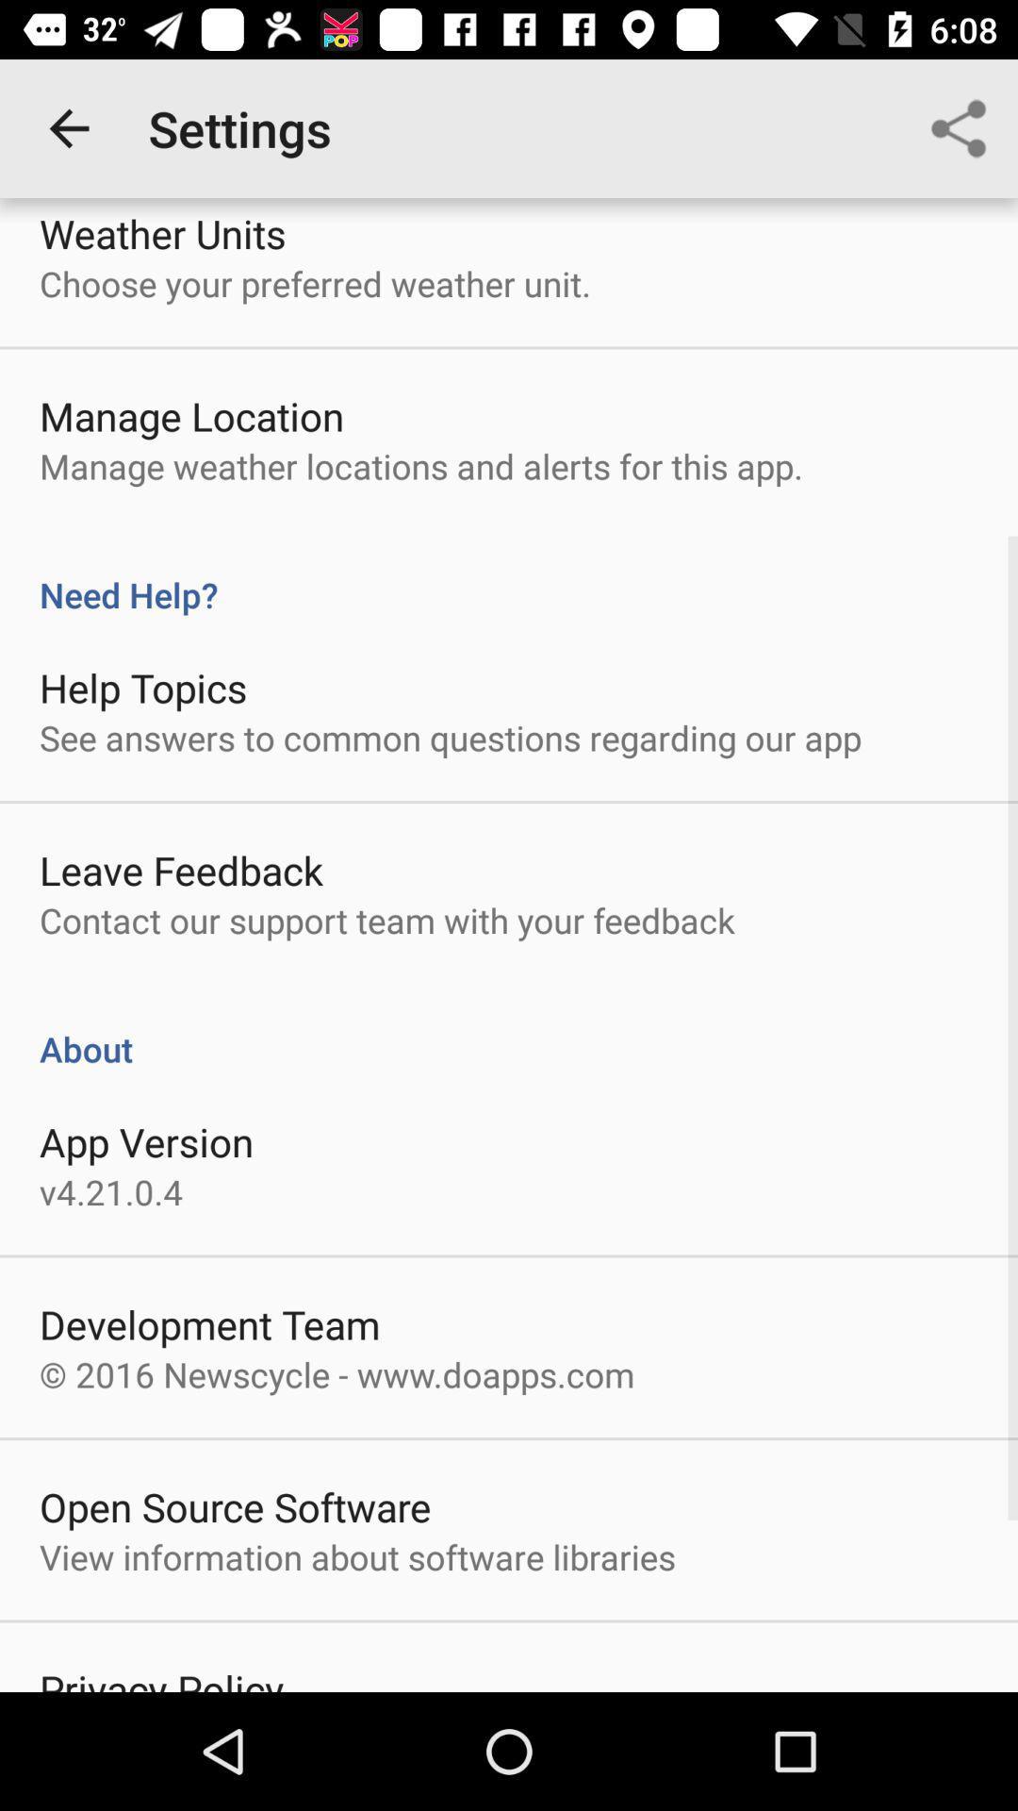  What do you see at coordinates (386, 920) in the screenshot?
I see `the item below the leave feedback item` at bounding box center [386, 920].